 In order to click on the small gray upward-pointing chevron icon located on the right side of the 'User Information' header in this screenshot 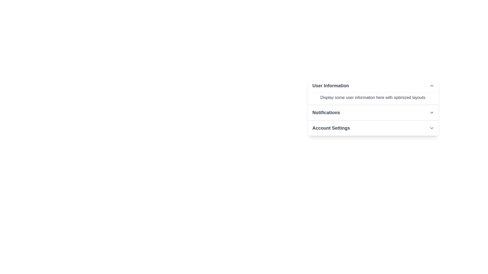, I will do `click(432, 85)`.